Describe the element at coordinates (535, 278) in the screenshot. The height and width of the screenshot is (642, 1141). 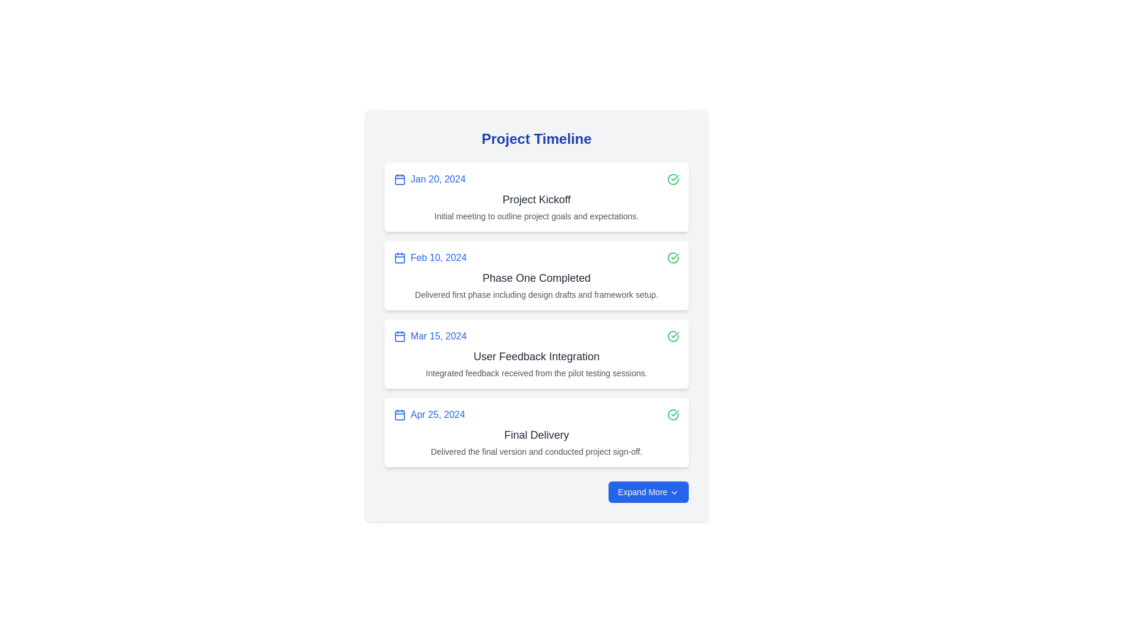
I see `the text label that reads 'Phase One Completed', which is the second line of text in the card under 'Feb 10, 2024' in the 'Project Timeline'` at that location.